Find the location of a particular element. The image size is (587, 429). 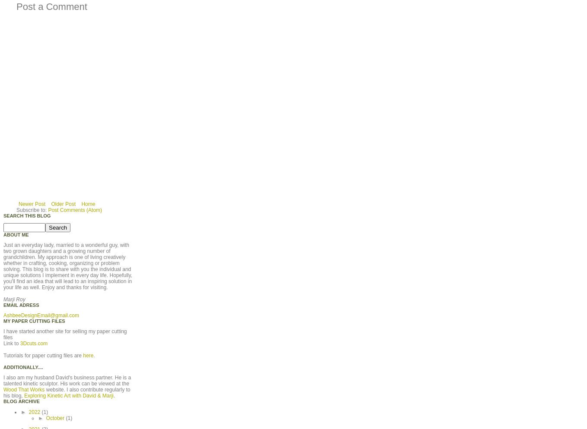

'Wood That Works' is located at coordinates (24, 388).